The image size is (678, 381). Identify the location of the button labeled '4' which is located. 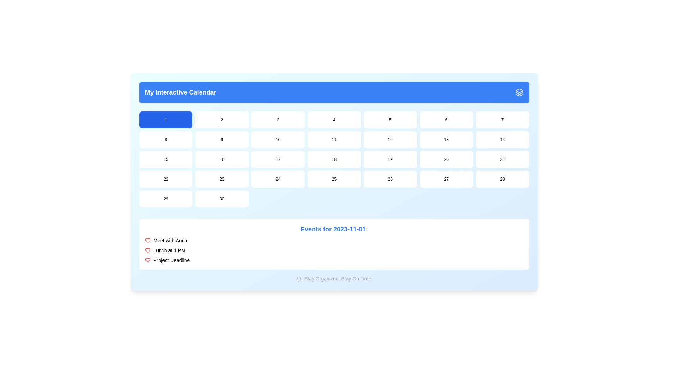
(334, 119).